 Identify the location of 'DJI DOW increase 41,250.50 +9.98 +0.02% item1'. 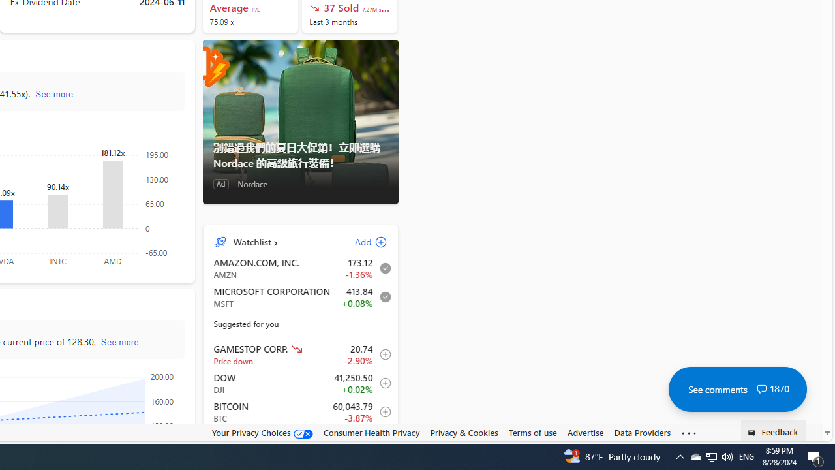
(300, 383).